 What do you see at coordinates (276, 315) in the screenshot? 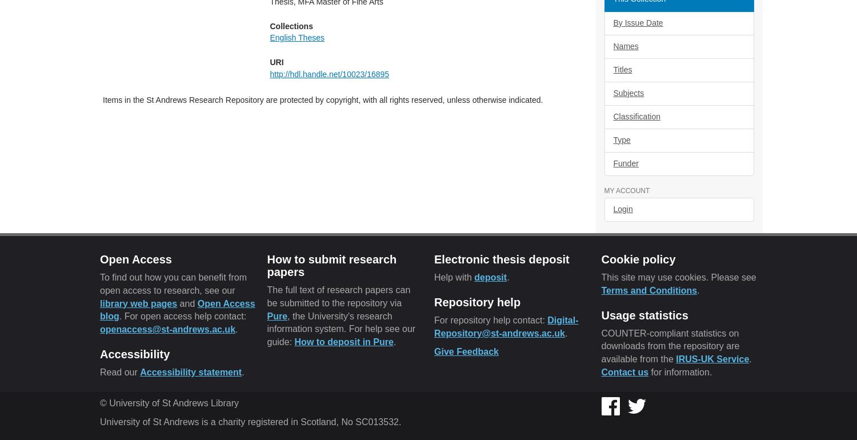
I see `'Pure'` at bounding box center [276, 315].